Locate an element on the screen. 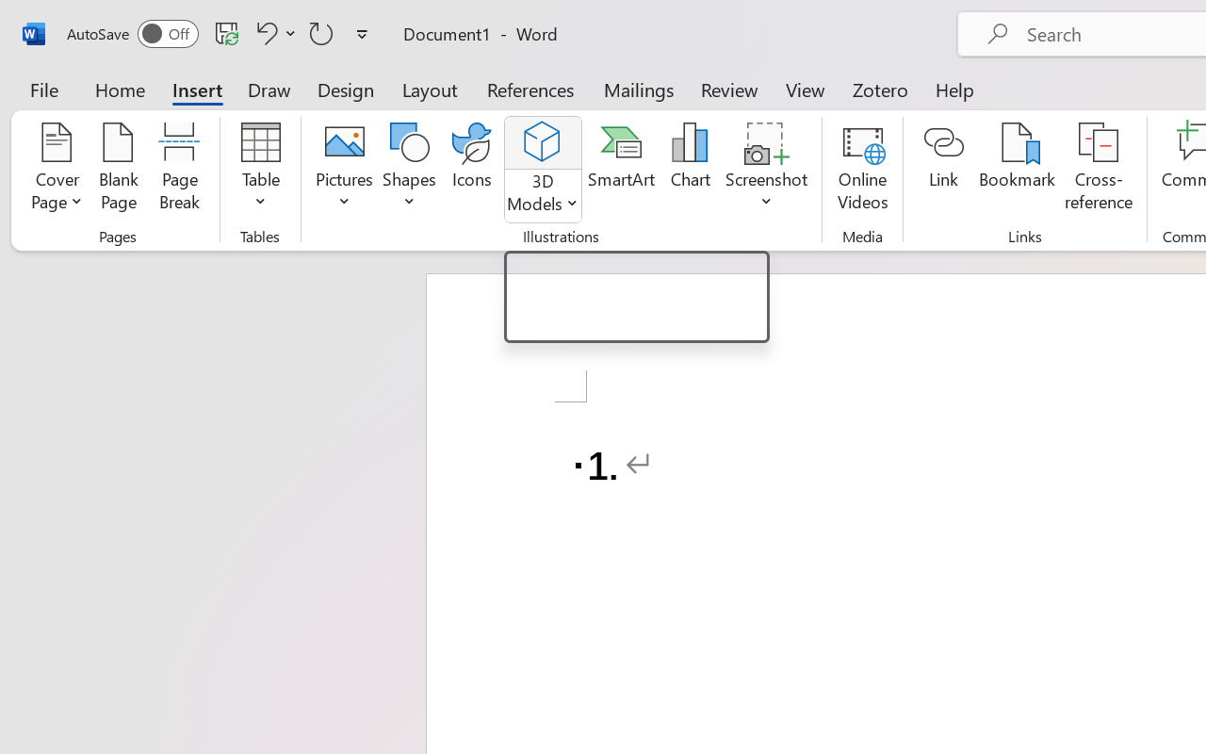 This screenshot has height=754, width=1206. 'Online Videos...' is located at coordinates (861, 169).